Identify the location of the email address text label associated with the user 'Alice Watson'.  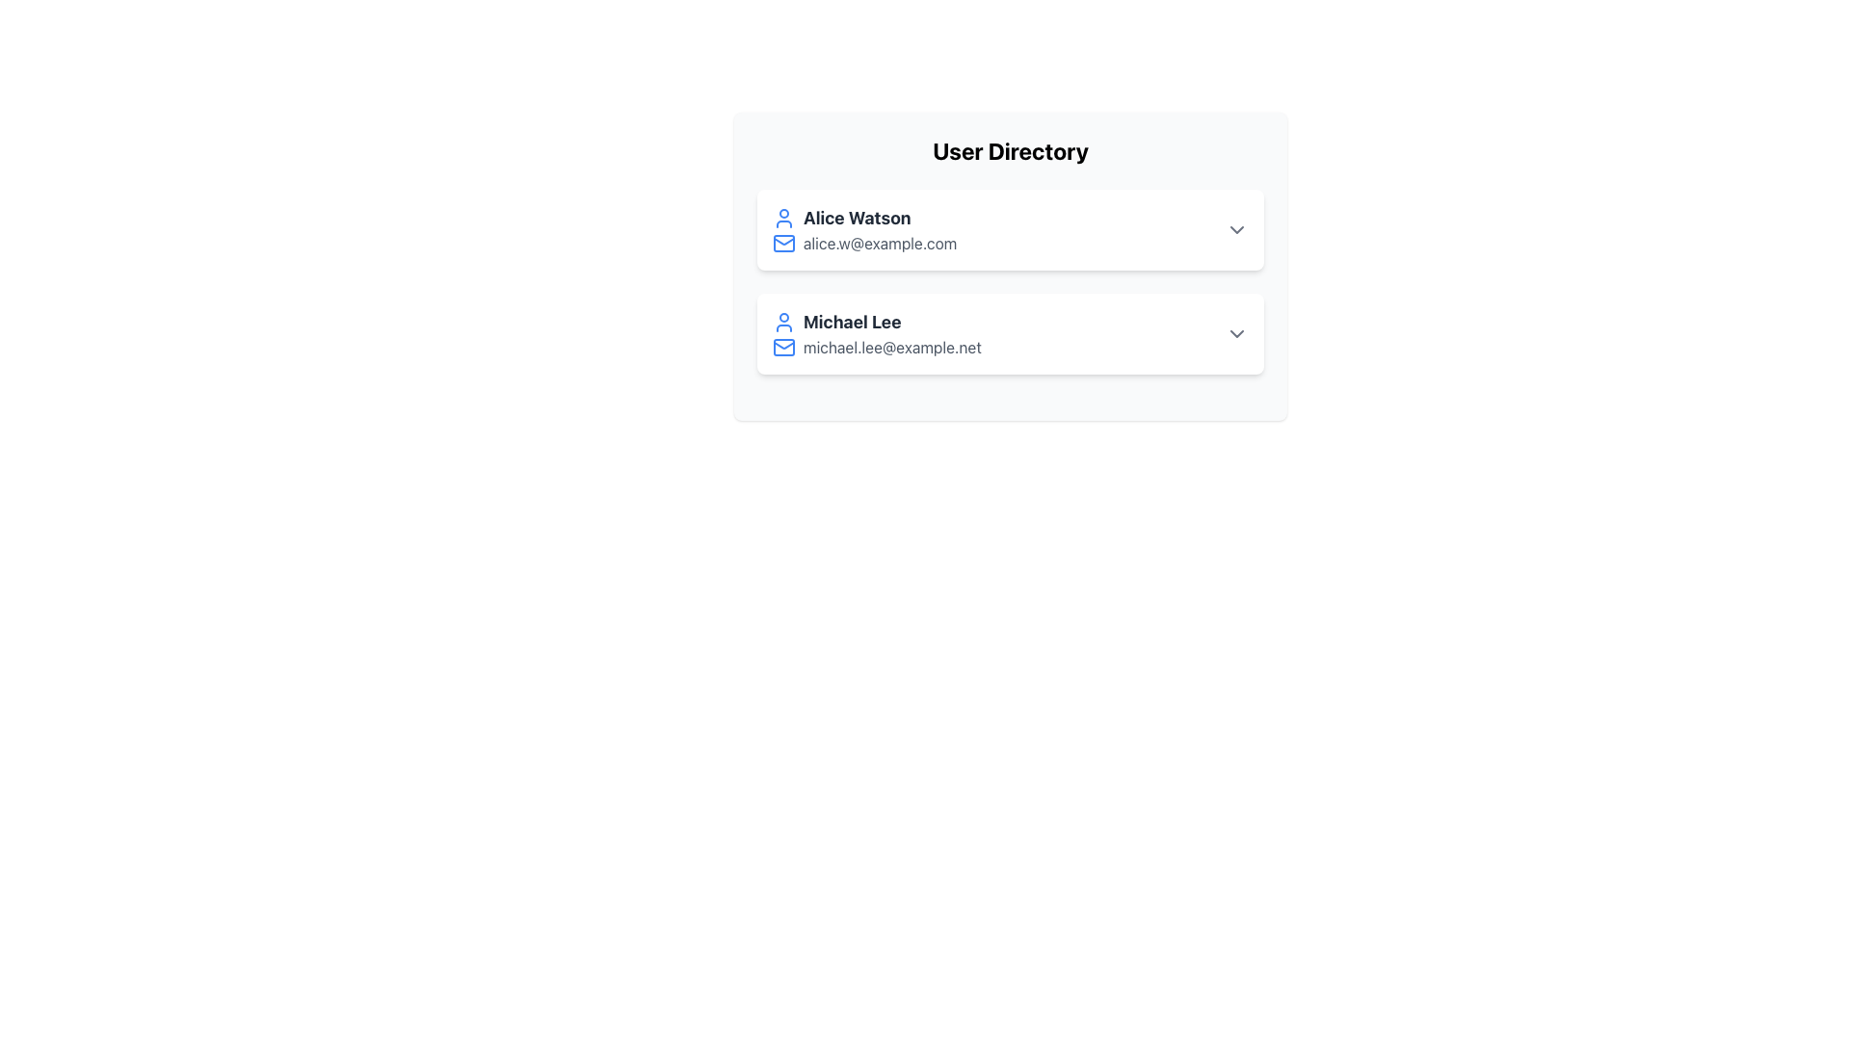
(863, 243).